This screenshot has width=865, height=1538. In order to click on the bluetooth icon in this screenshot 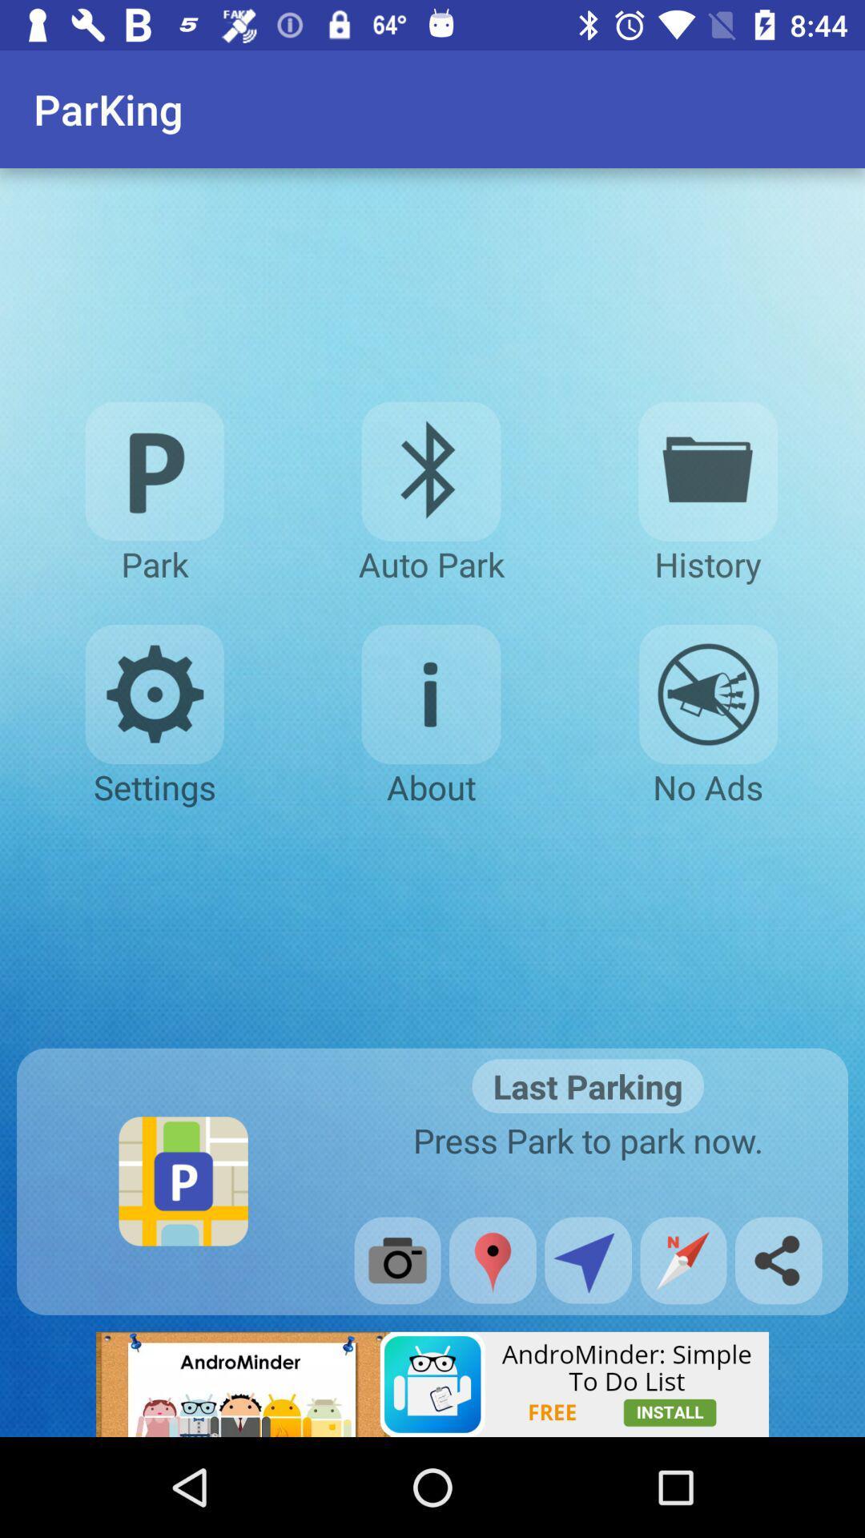, I will do `click(430, 470)`.